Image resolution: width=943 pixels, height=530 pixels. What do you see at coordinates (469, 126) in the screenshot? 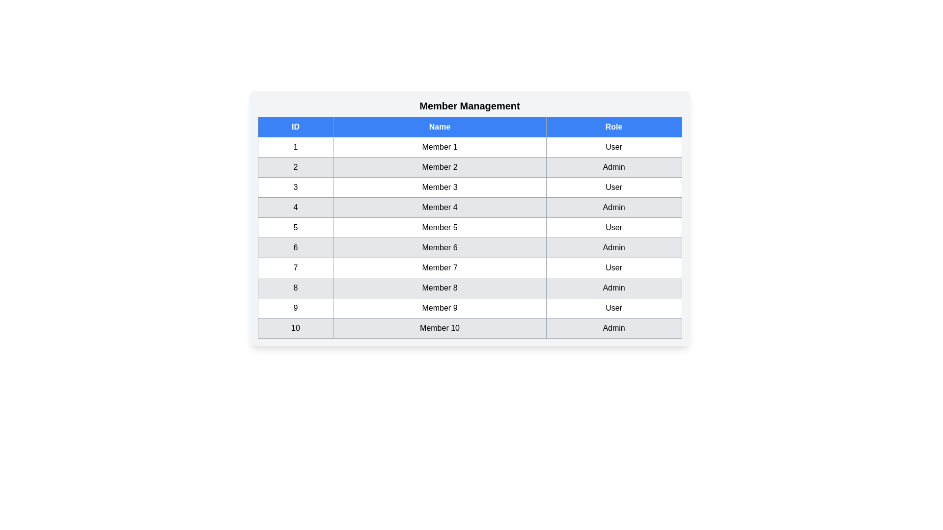
I see `the table header section to inspect its contents` at bounding box center [469, 126].